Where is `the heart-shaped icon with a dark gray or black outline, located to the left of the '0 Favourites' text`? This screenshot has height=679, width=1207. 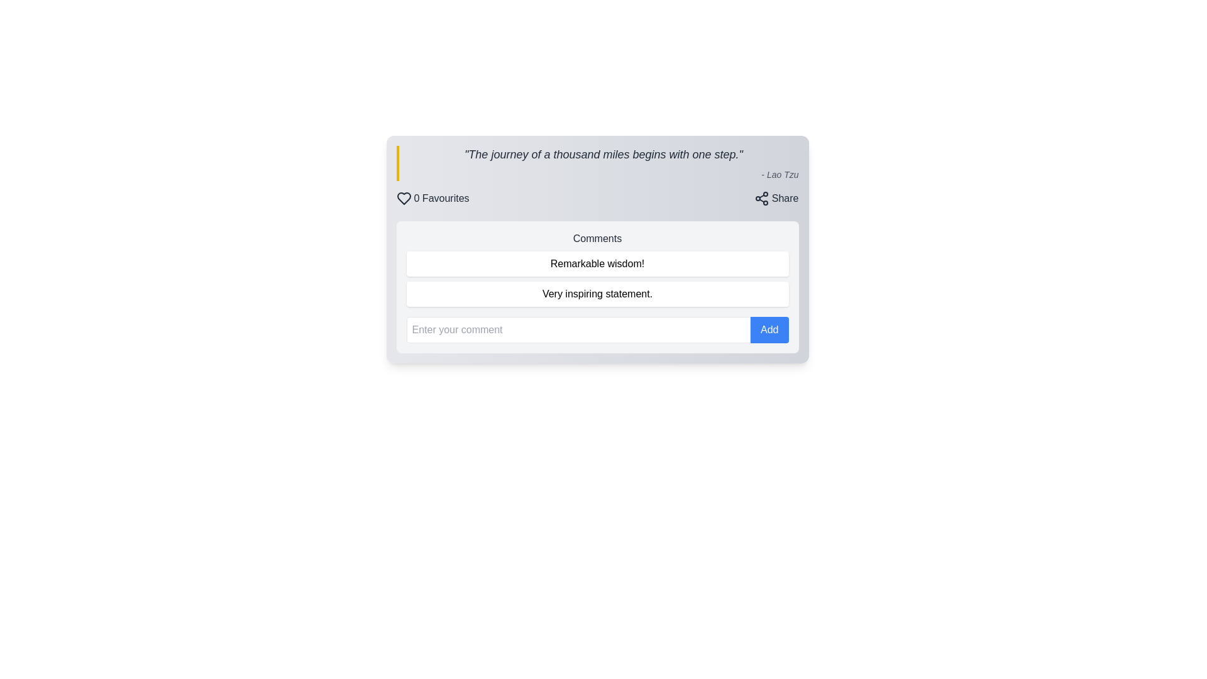 the heart-shaped icon with a dark gray or black outline, located to the left of the '0 Favourites' text is located at coordinates (404, 198).